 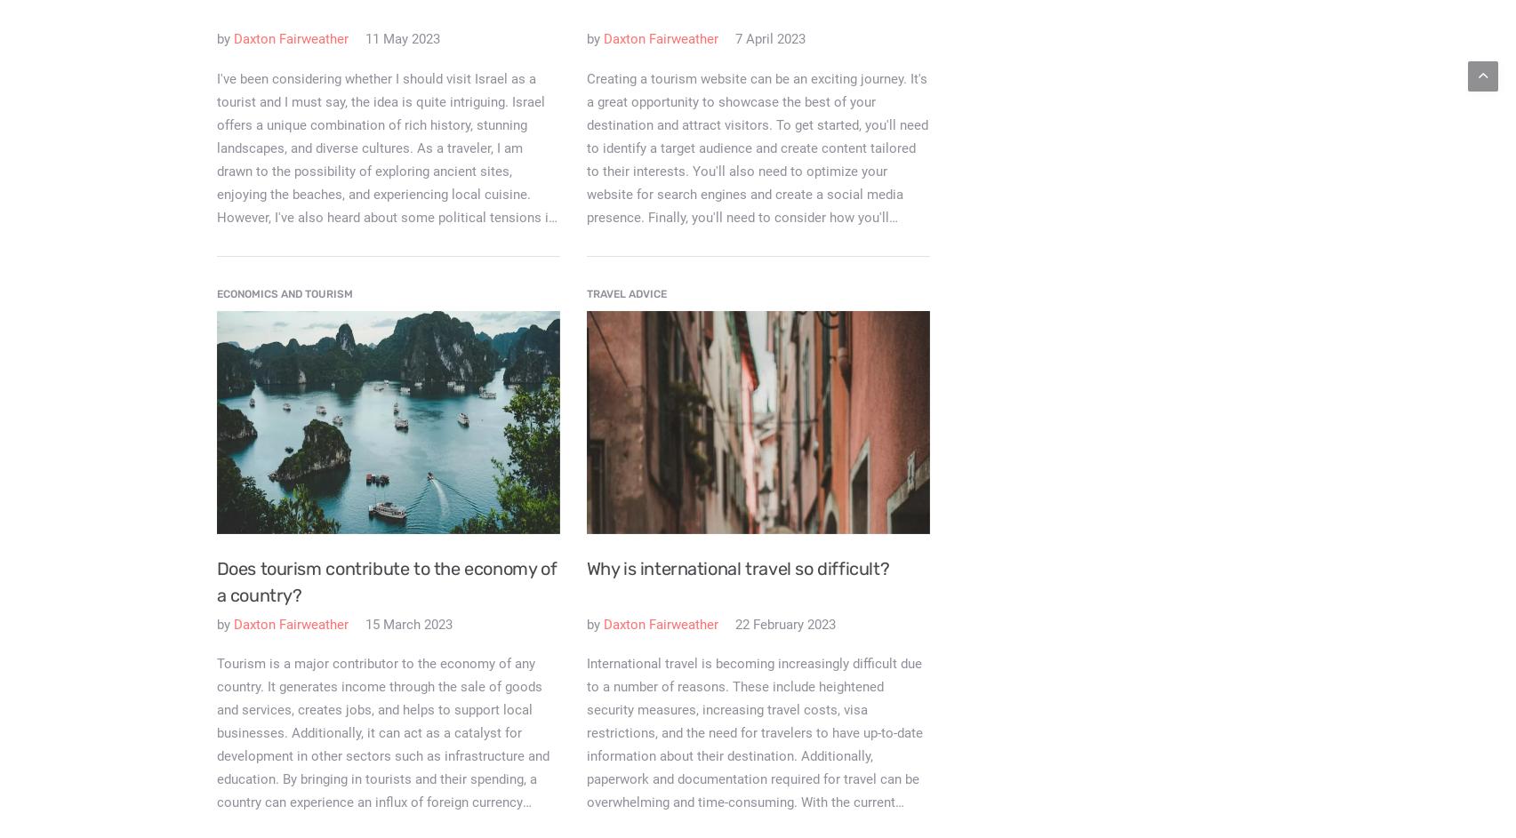 What do you see at coordinates (783, 622) in the screenshot?
I see `'22 February 2023'` at bounding box center [783, 622].